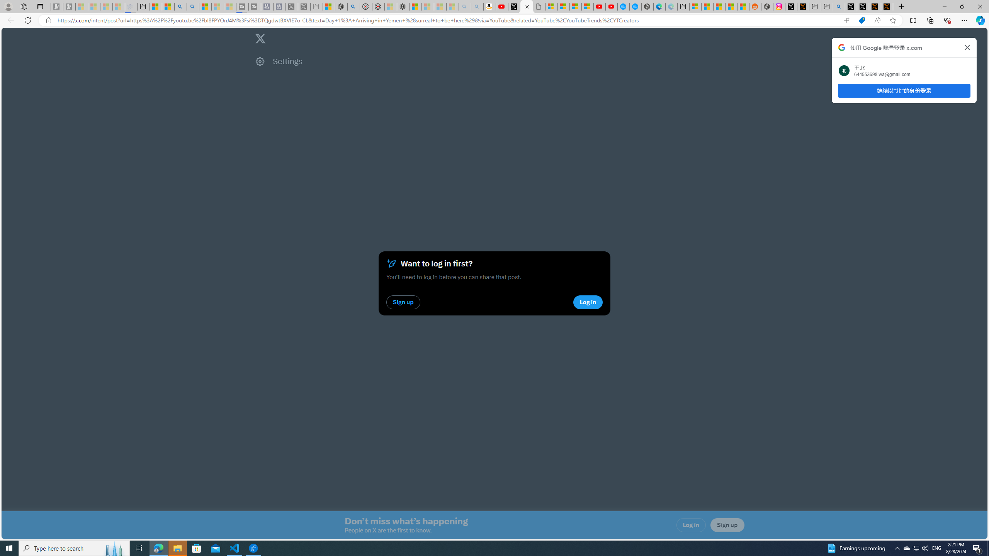 The width and height of the screenshot is (989, 556). I want to click on 'amazon - Search - Sleeping', so click(465, 6).